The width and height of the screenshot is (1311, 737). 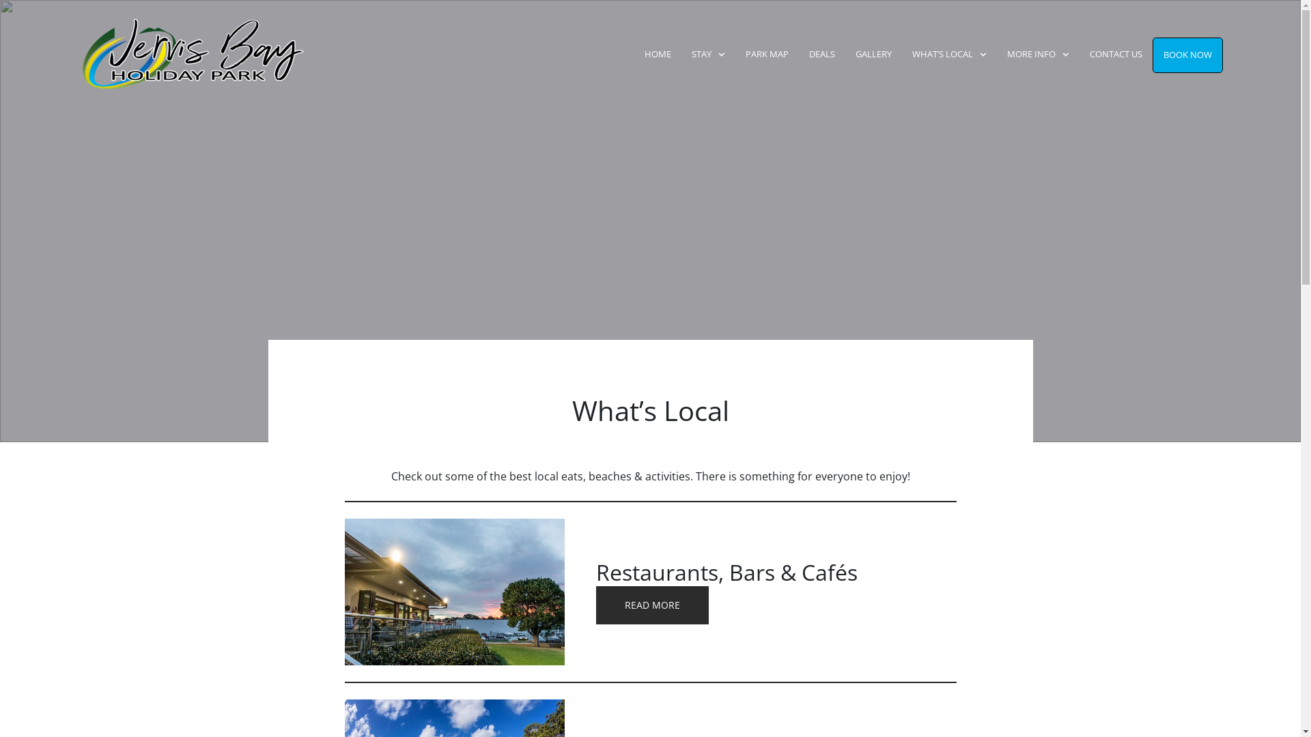 What do you see at coordinates (708, 54) in the screenshot?
I see `'STAY'` at bounding box center [708, 54].